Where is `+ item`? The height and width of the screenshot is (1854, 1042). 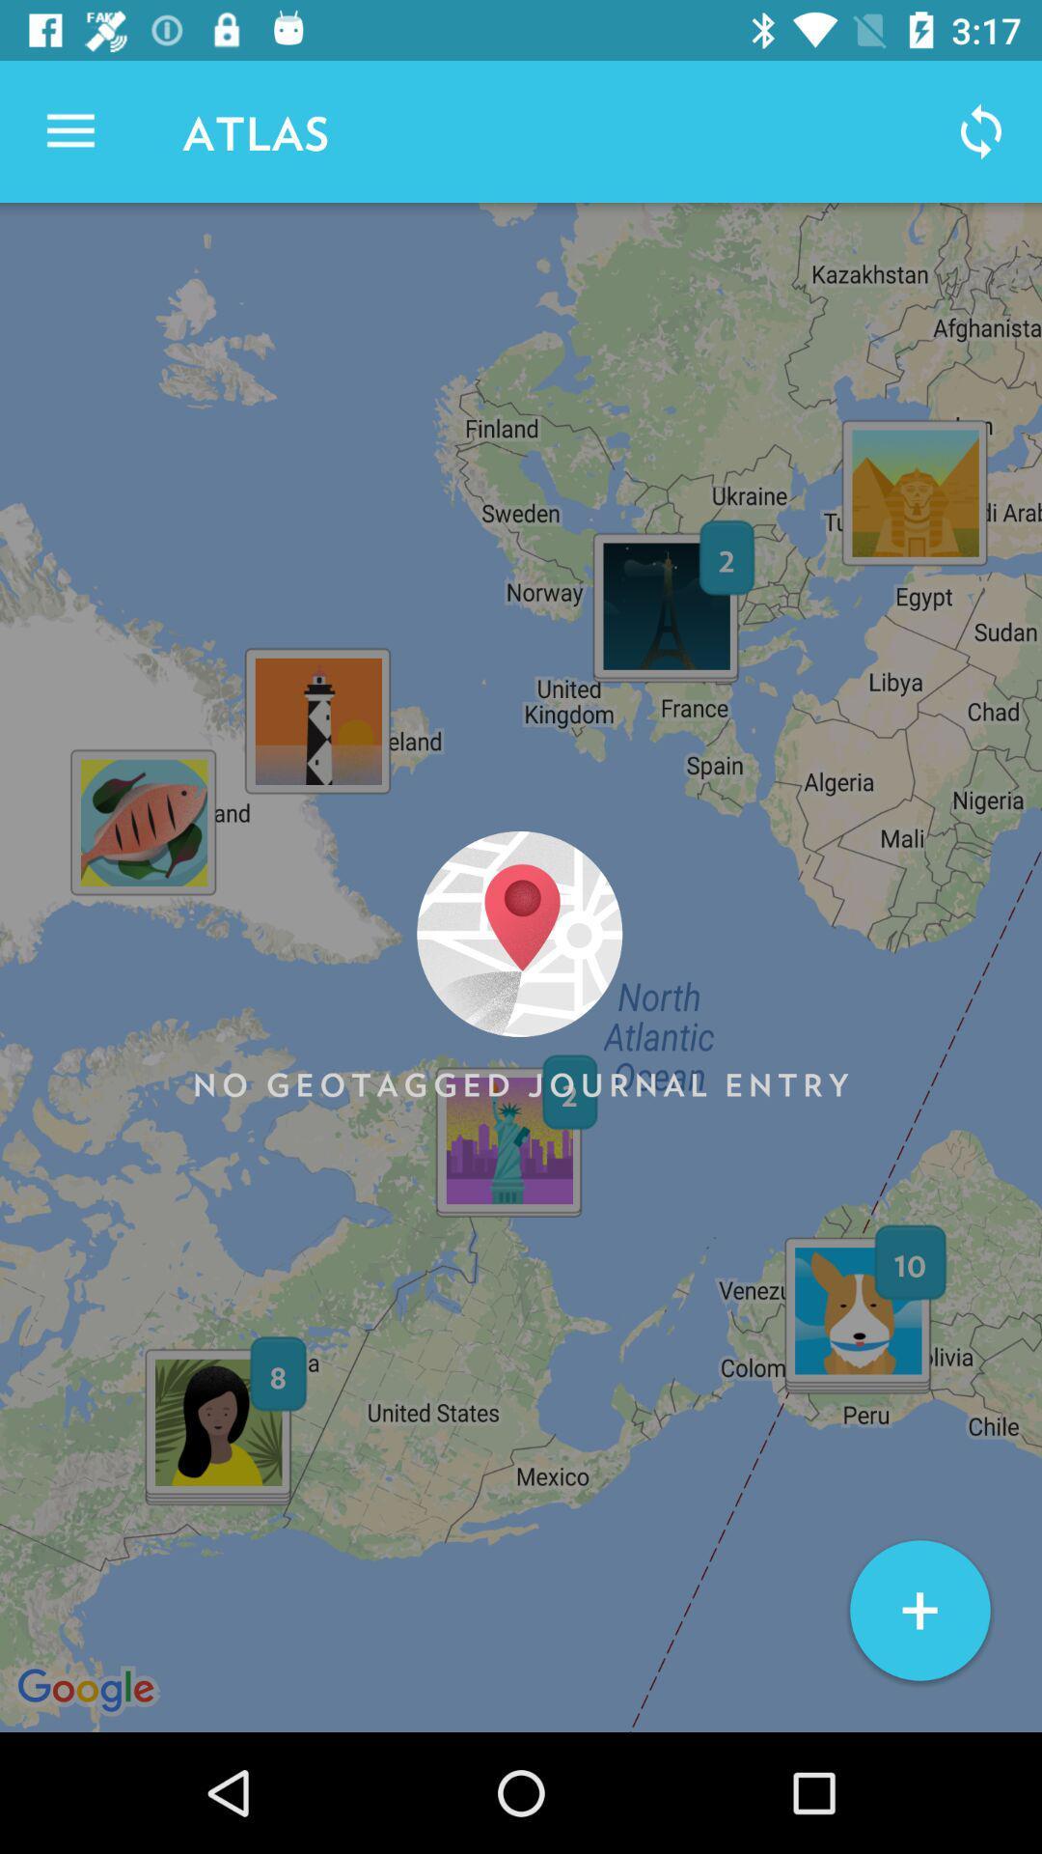 + item is located at coordinates (919, 1611).